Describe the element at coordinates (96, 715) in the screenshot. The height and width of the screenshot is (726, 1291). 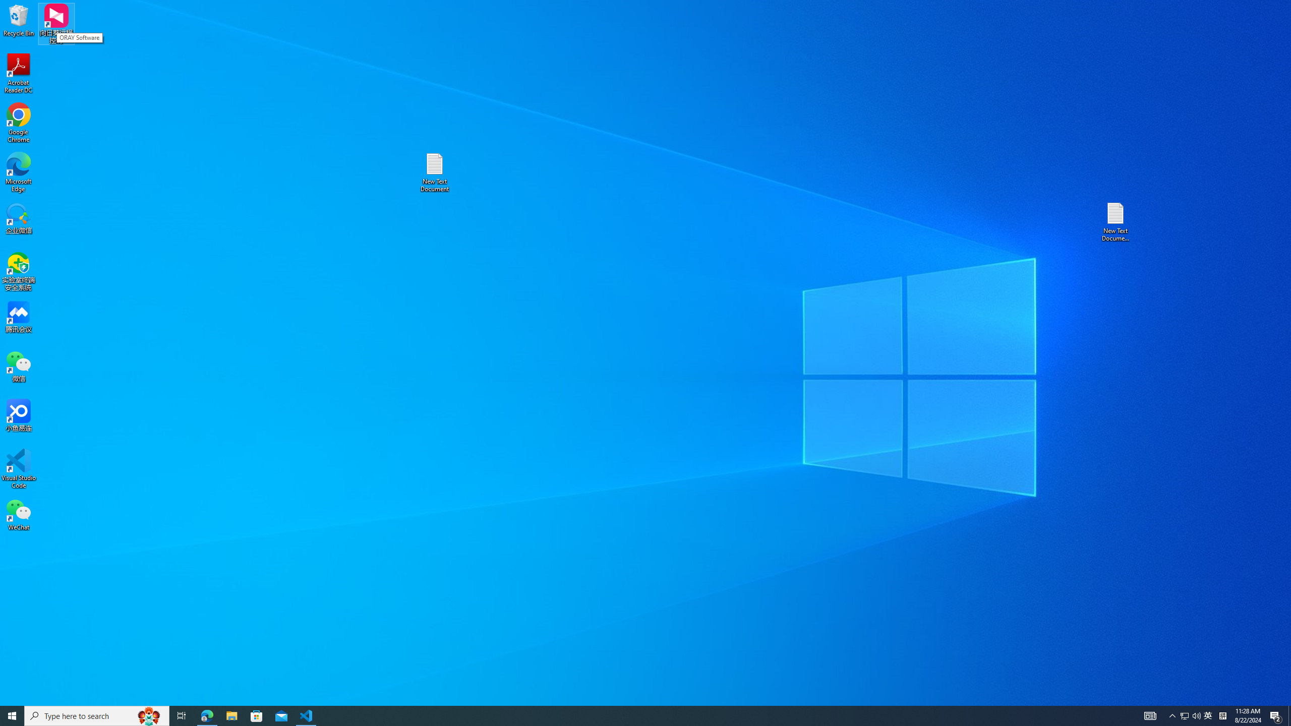
I see `'Type here to search'` at that location.